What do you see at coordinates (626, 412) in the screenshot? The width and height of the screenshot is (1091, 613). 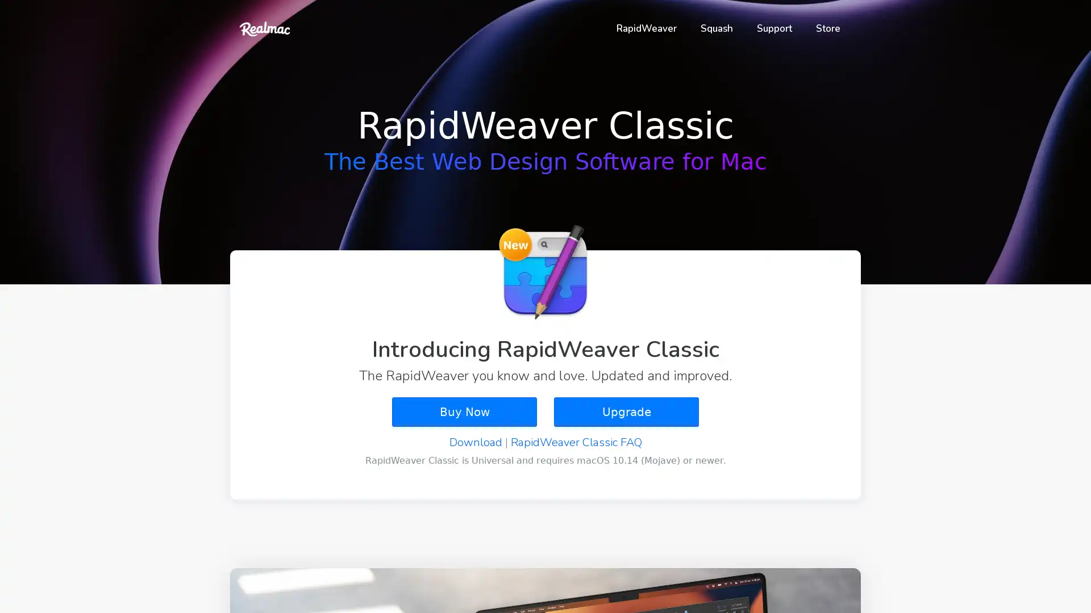 I see `Upgrade` at bounding box center [626, 412].